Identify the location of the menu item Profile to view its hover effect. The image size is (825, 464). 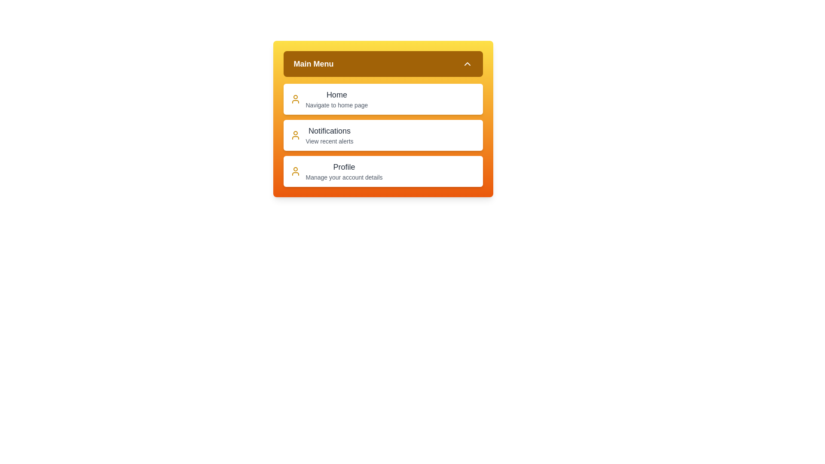
(382, 171).